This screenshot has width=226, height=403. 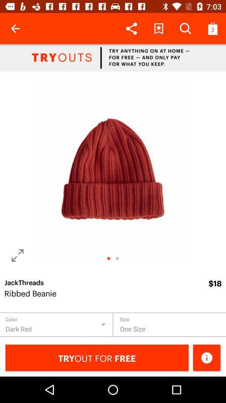 I want to click on the info icon, so click(x=206, y=357).